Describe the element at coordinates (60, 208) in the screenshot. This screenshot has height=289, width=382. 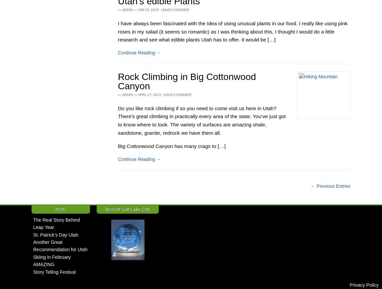
I see `'Blog'` at that location.